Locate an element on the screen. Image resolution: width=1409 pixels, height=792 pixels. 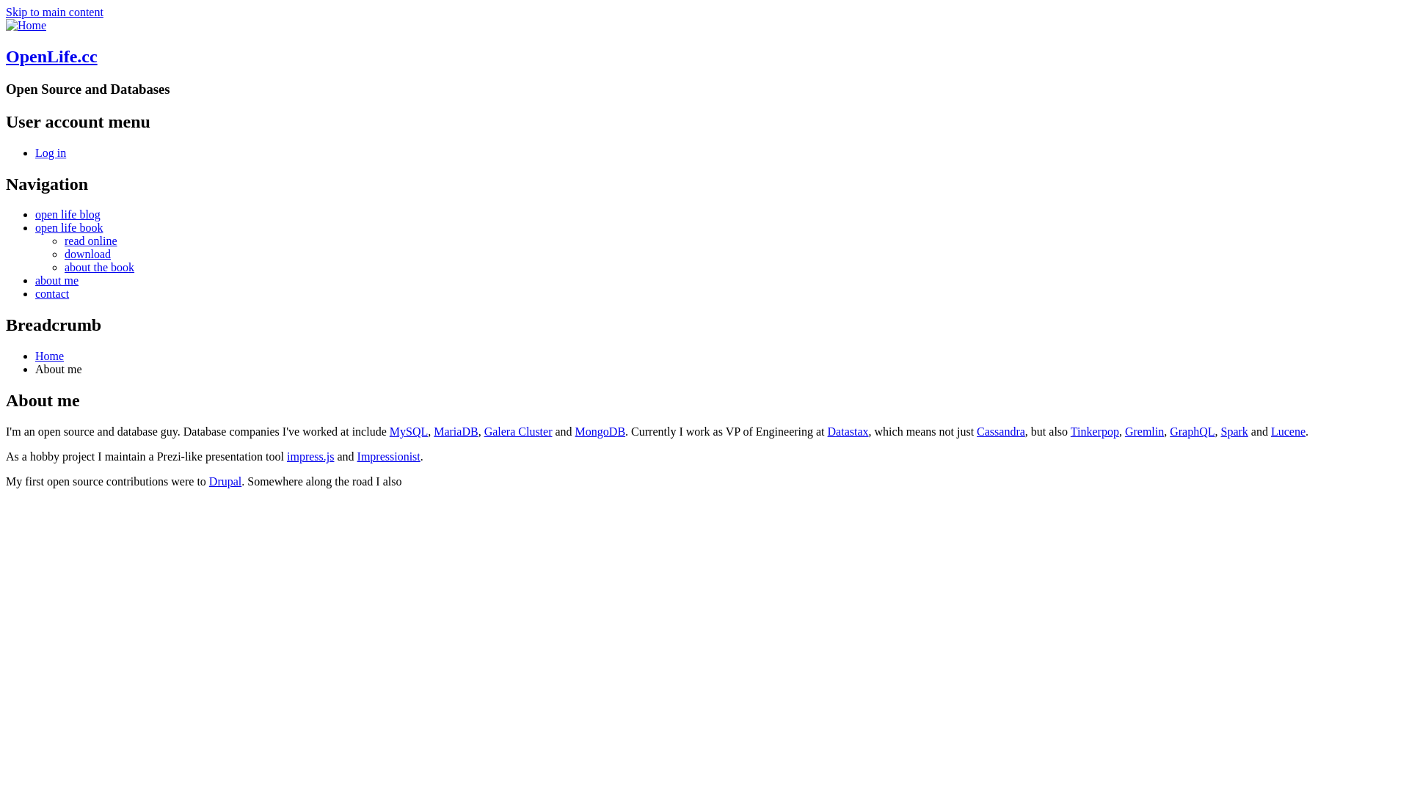
'Datastax' is located at coordinates (848, 430).